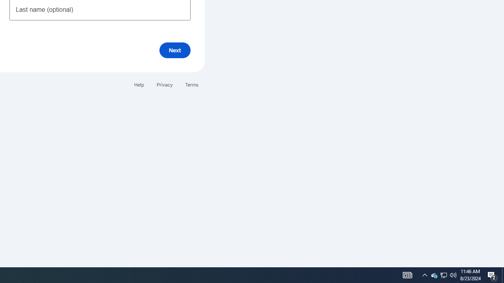 Image resolution: width=504 pixels, height=283 pixels. What do you see at coordinates (164, 85) in the screenshot?
I see `'Privacy'` at bounding box center [164, 85].